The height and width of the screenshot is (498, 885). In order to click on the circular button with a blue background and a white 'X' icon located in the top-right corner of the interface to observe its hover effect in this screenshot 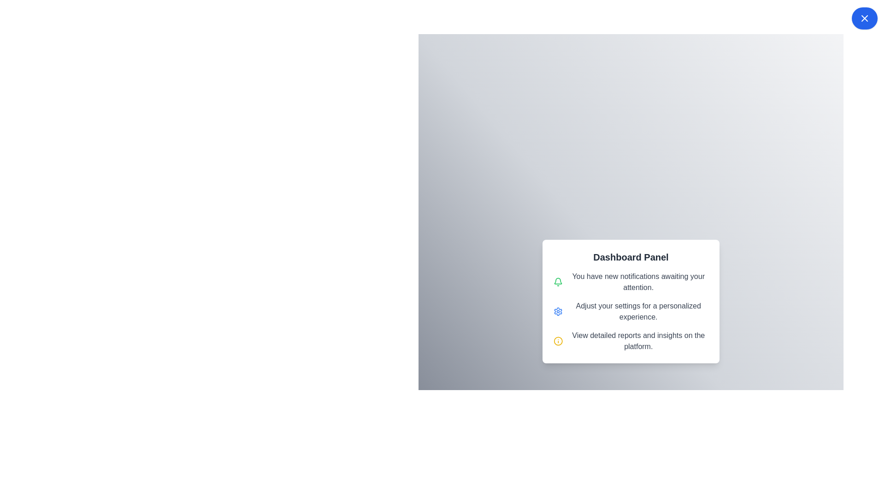, I will do `click(864, 18)`.